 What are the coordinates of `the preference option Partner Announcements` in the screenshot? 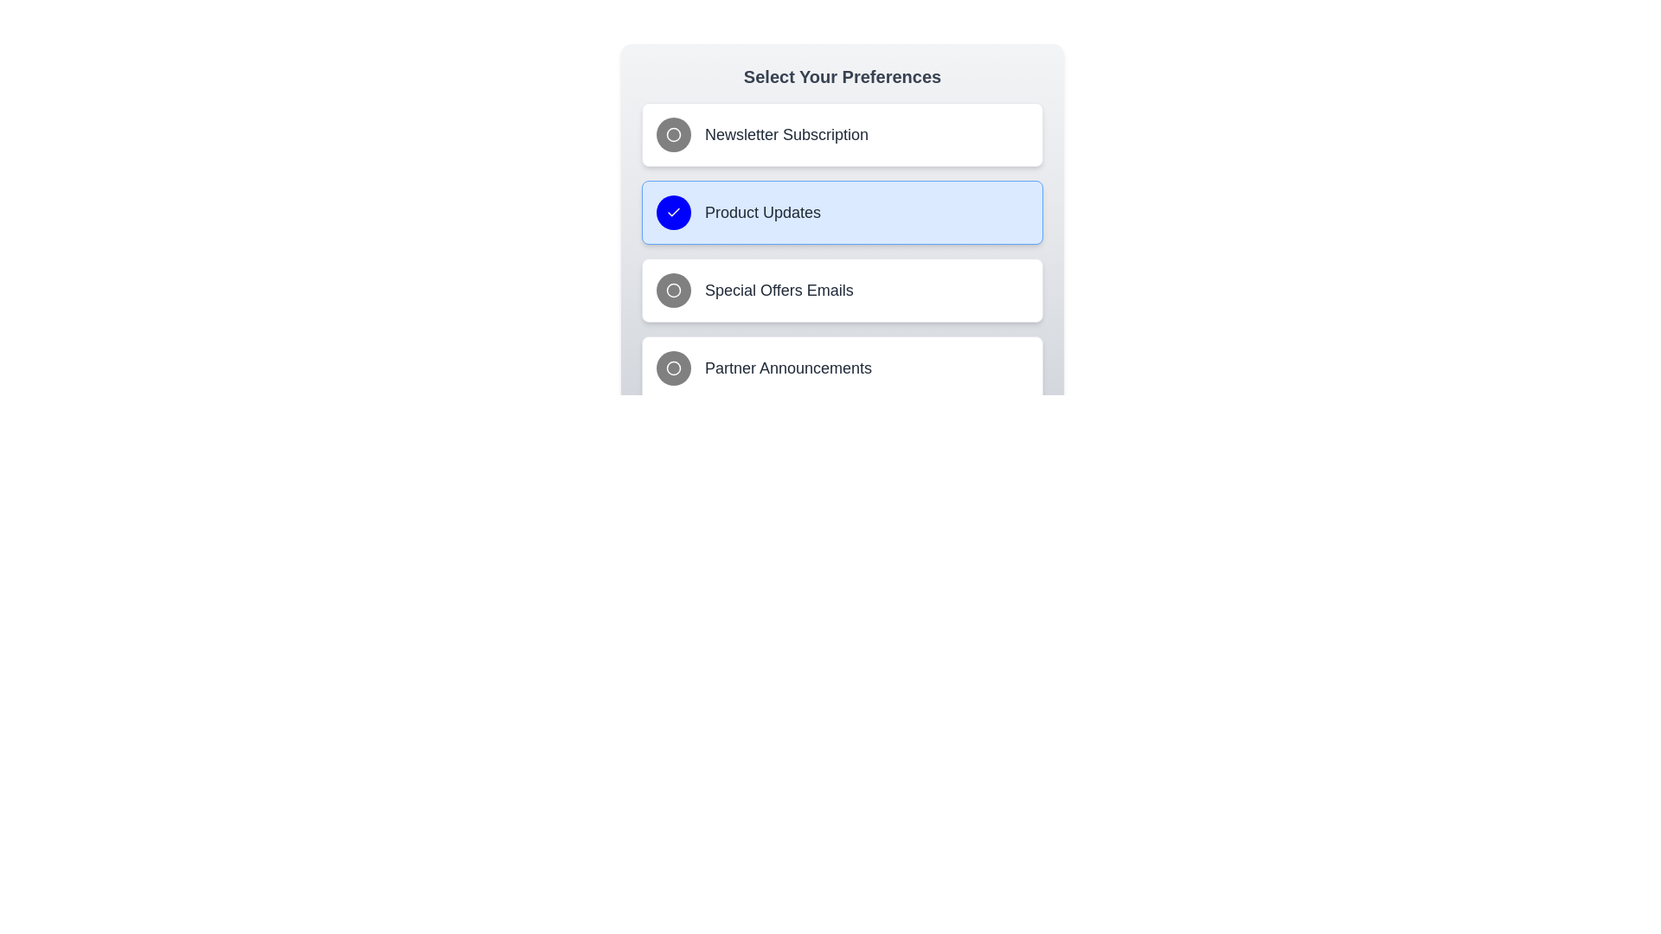 It's located at (843, 367).